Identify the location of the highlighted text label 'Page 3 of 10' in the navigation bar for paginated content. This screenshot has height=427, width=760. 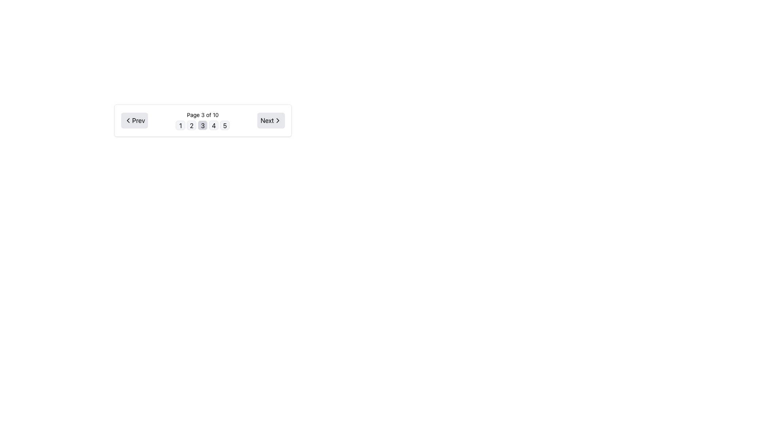
(203, 120).